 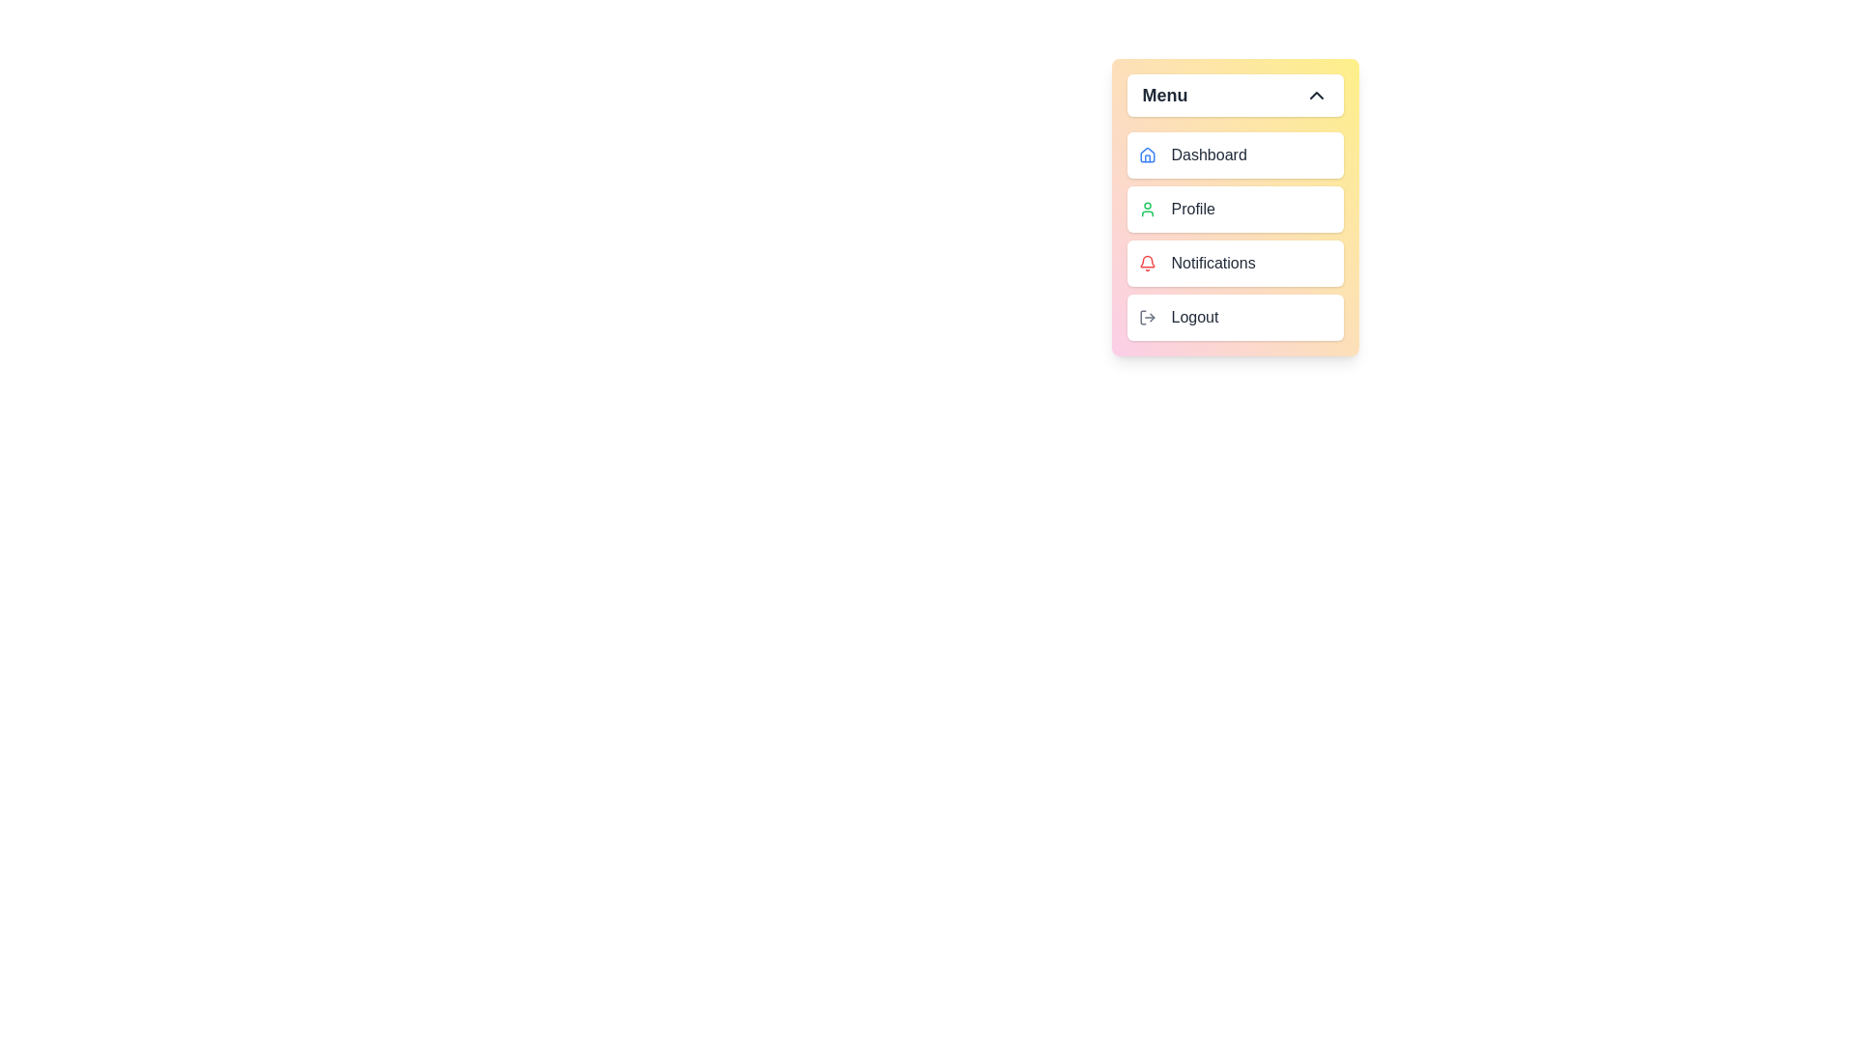 What do you see at coordinates (1234, 264) in the screenshot?
I see `the menu item labeled Notifications` at bounding box center [1234, 264].